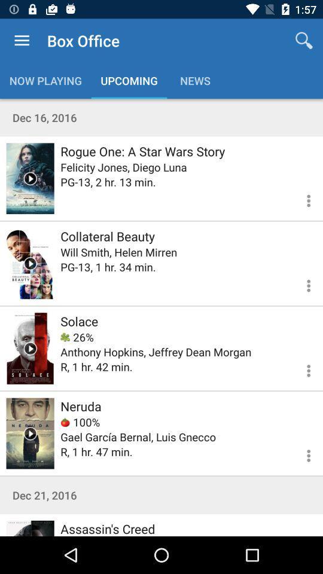  I want to click on more details, so click(301, 284).